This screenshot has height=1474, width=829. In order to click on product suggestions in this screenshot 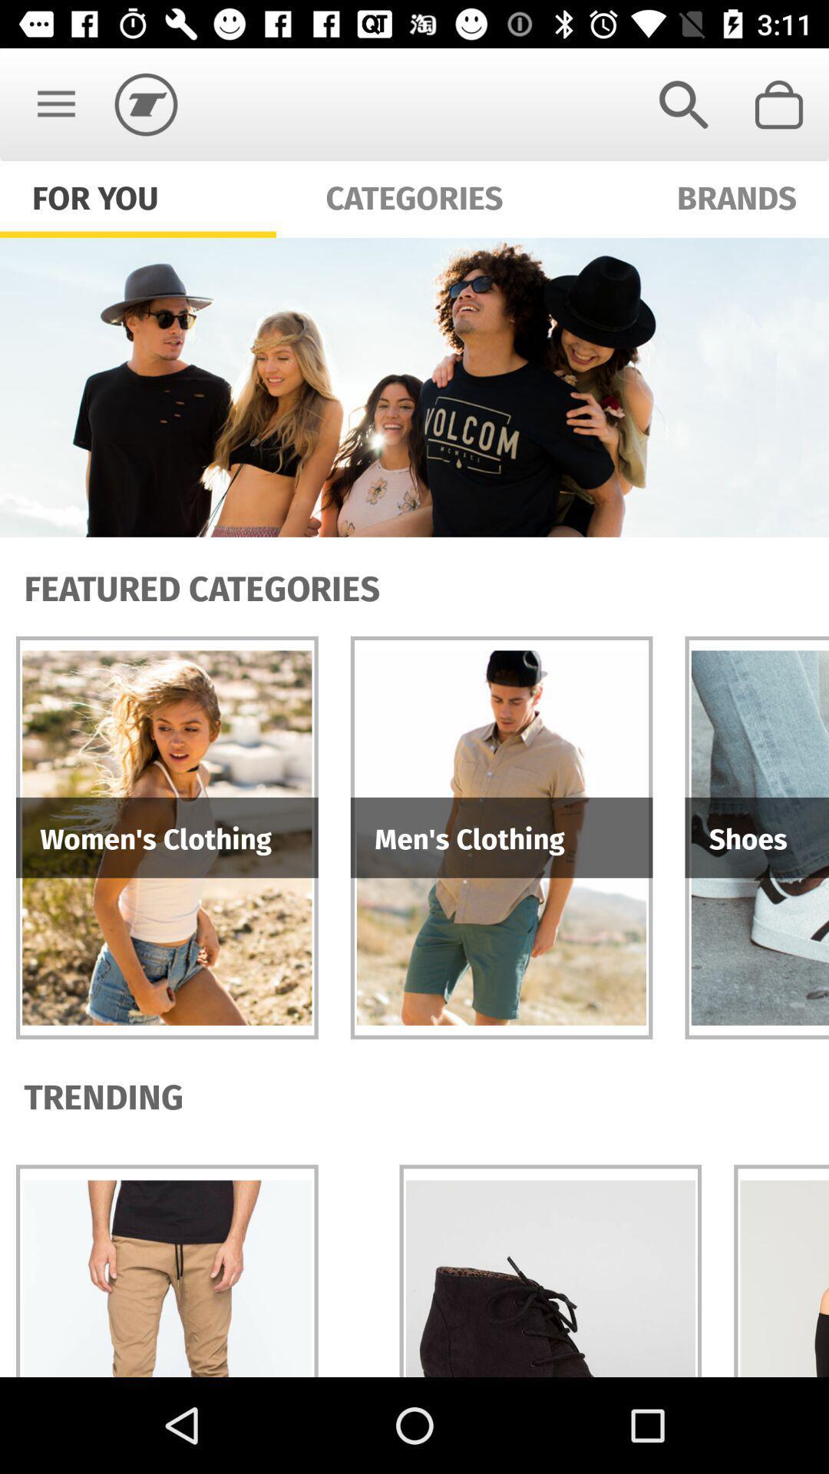, I will do `click(414, 387)`.